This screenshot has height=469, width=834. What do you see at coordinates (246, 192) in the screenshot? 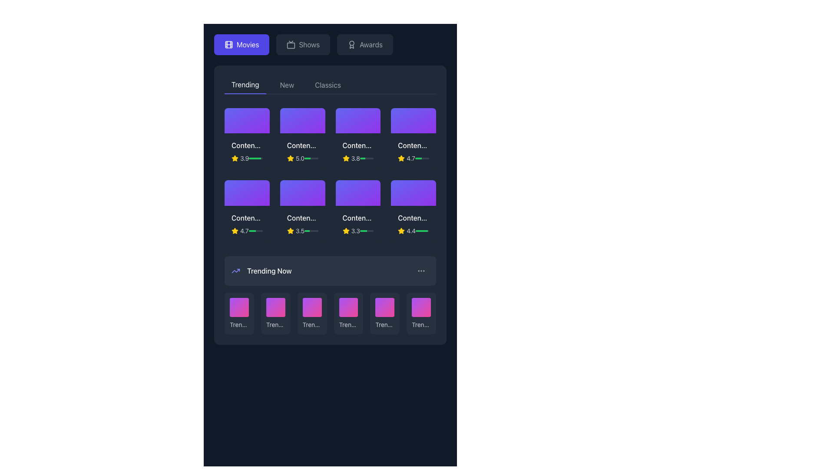
I see `the Decorative card, which is a rectangular card with a gradient background transitioning from indigo to purple, located in the second row of the content grid as the first card` at bounding box center [246, 192].